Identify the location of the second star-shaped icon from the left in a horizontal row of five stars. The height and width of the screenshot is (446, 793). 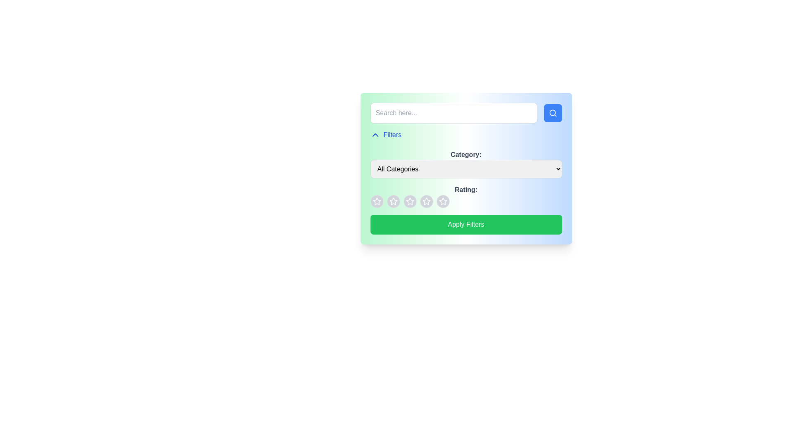
(410, 202).